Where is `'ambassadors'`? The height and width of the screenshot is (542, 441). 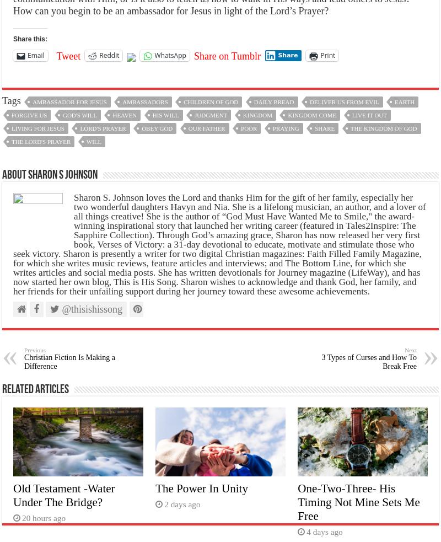 'ambassadors' is located at coordinates (144, 101).